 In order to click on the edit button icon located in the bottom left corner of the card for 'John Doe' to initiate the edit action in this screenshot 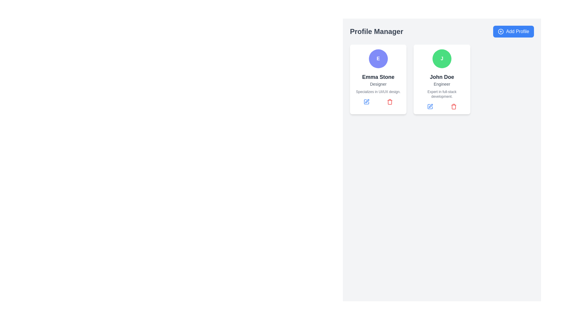, I will do `click(431, 105)`.